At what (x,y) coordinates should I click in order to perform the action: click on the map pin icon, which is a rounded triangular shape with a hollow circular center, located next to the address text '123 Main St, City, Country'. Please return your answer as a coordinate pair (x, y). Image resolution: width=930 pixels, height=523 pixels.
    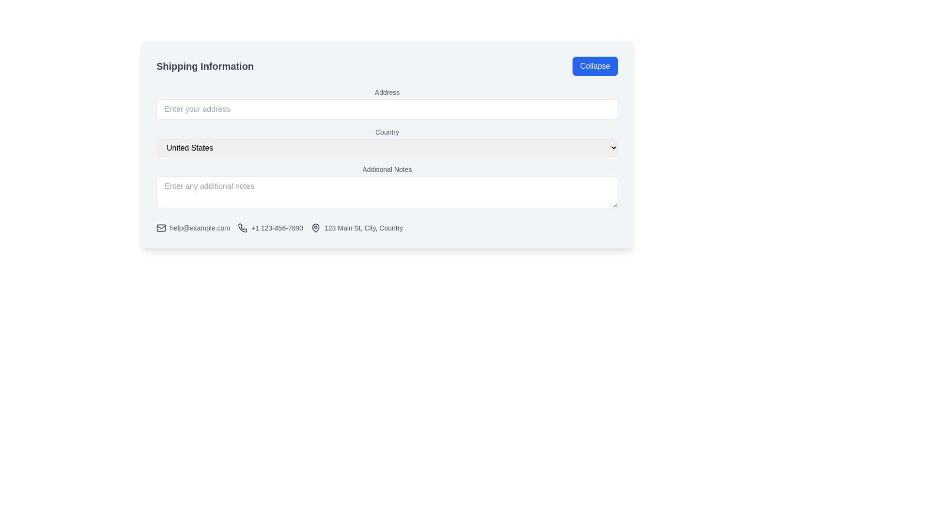
    Looking at the image, I should click on (316, 228).